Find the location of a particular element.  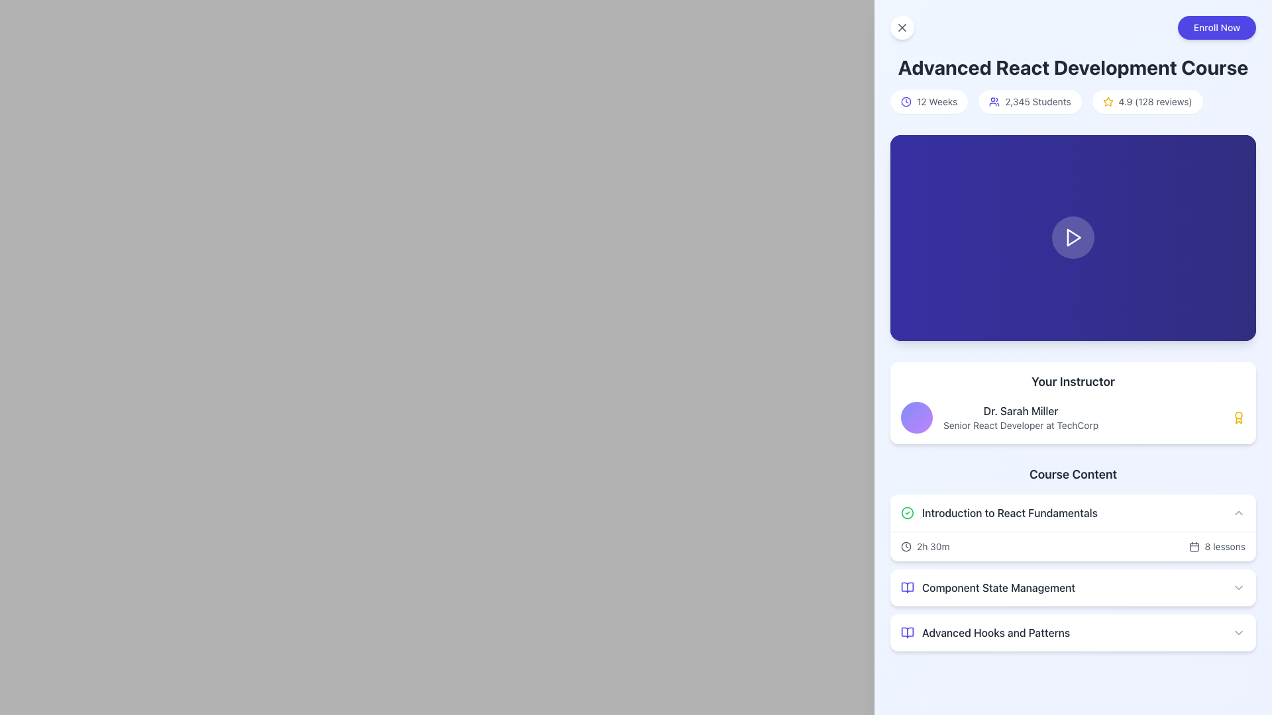

the downward-pointing chevron icon located on the far right side of the 'Advanced Hooks and Patterns' section is located at coordinates (1238, 632).